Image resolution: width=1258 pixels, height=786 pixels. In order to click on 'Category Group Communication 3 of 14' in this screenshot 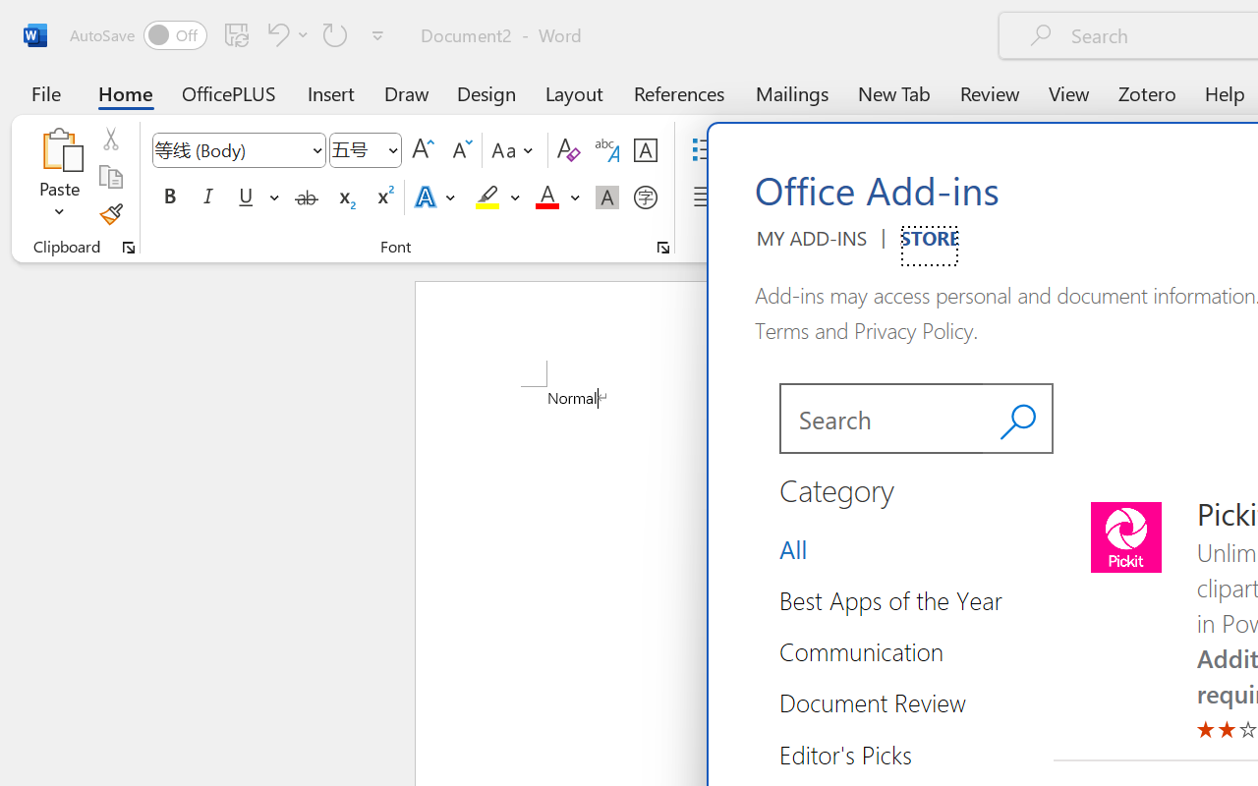, I will do `click(868, 650)`.